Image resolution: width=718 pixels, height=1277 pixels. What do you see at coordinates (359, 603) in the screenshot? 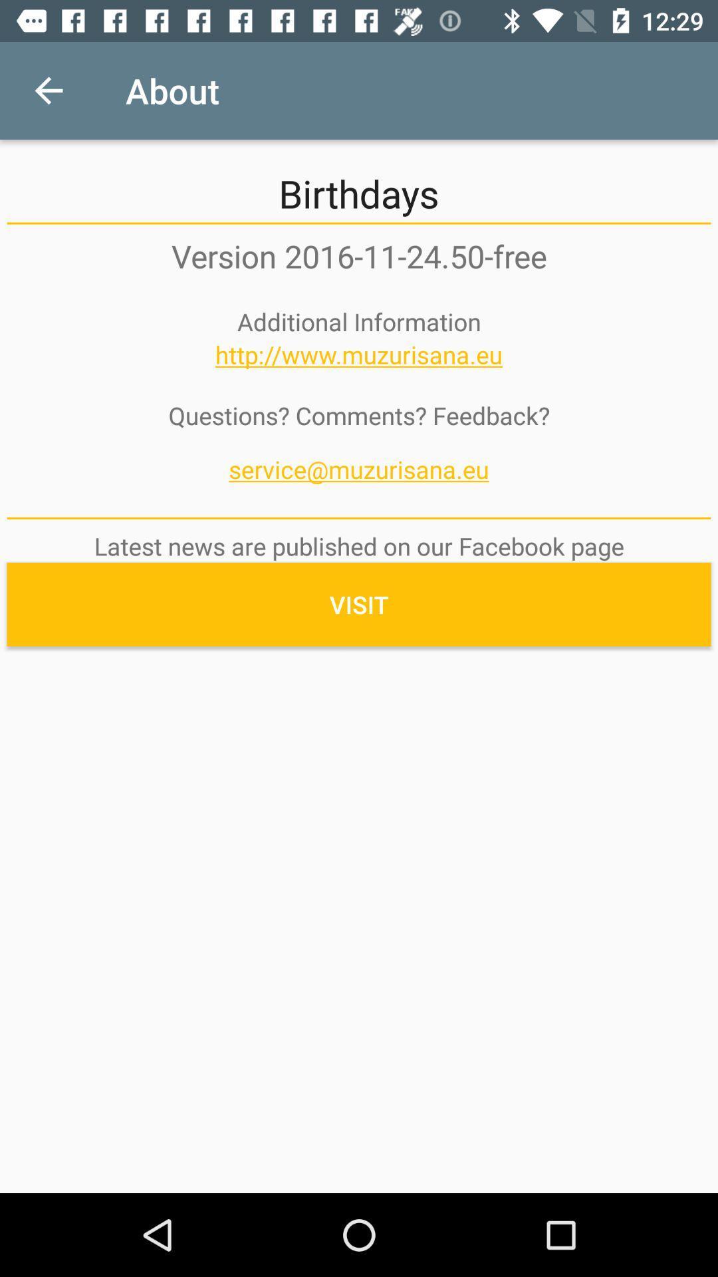
I see `visit icon` at bounding box center [359, 603].